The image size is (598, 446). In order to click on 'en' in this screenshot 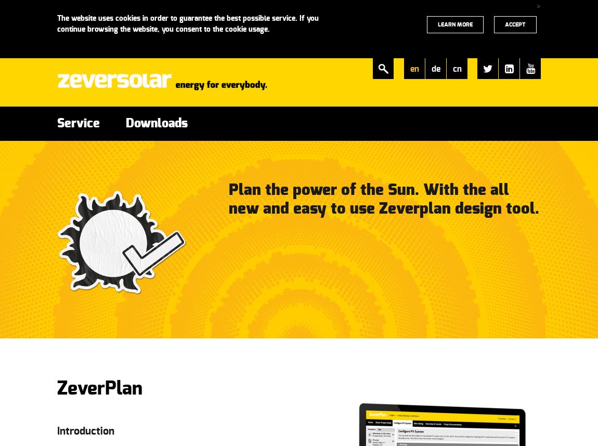, I will do `click(413, 68)`.